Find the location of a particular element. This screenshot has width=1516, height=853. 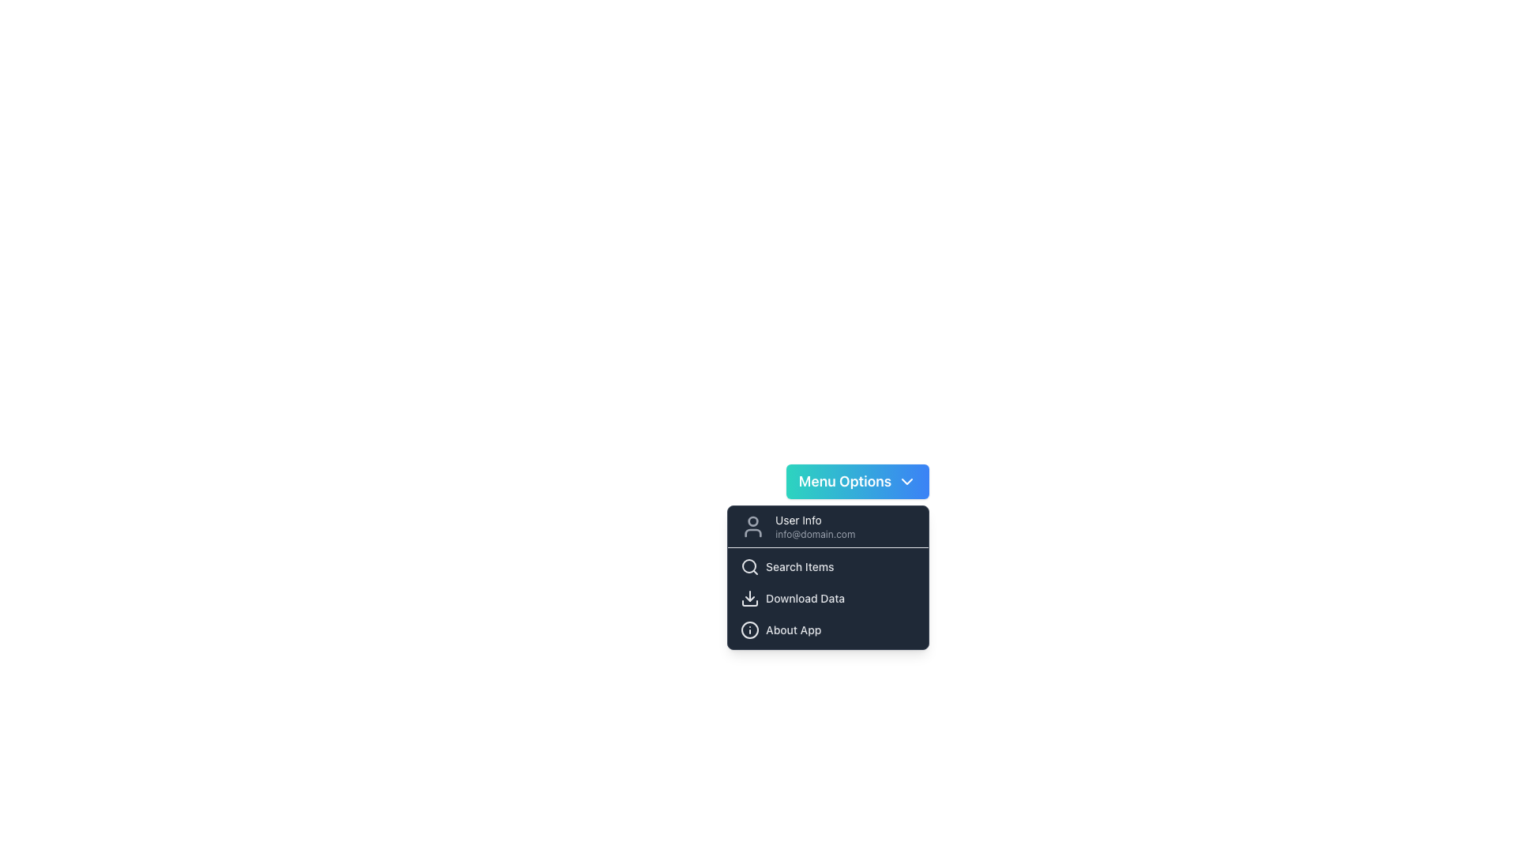

the 'Download Data' button, which is dark gray with white text and is the third option in the vertical menu beneath the 'Menu Options' button is located at coordinates (827, 599).